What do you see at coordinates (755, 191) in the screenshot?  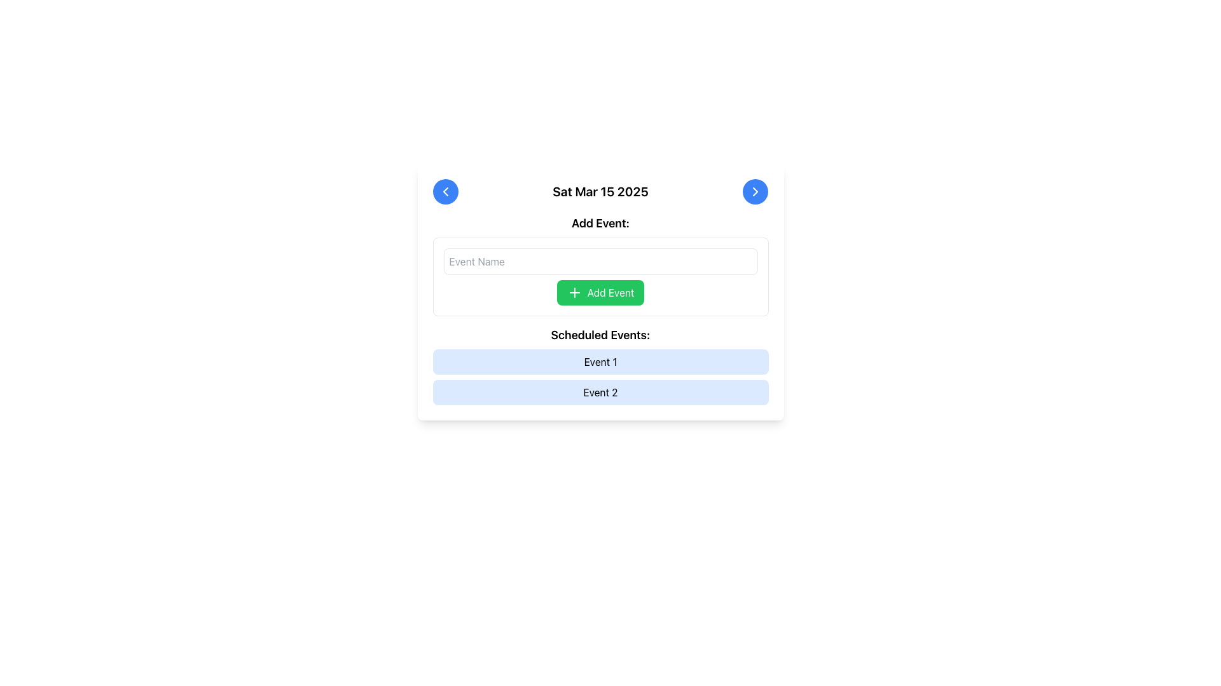 I see `the rightward chevron arrow icon located at the top-right corner of the interface` at bounding box center [755, 191].